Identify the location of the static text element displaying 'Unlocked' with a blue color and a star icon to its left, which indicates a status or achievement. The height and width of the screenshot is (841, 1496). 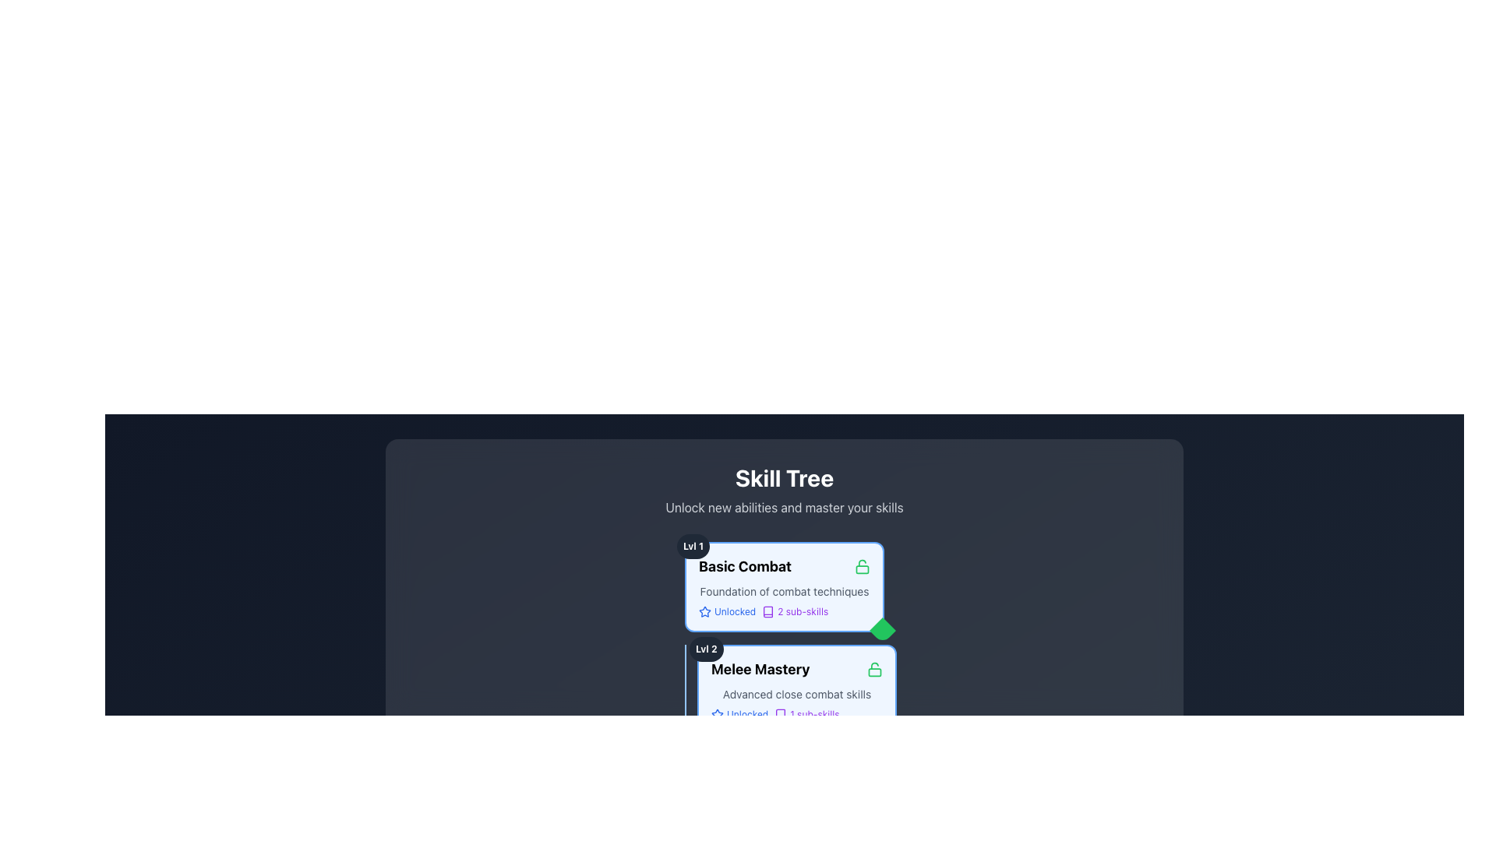
(739, 715).